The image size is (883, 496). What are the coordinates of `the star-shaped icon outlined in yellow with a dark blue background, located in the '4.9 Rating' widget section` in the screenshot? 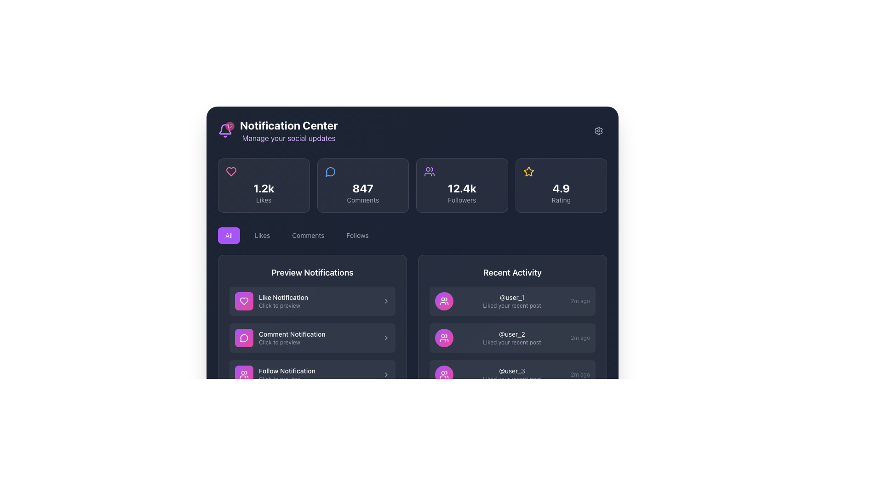 It's located at (528, 172).